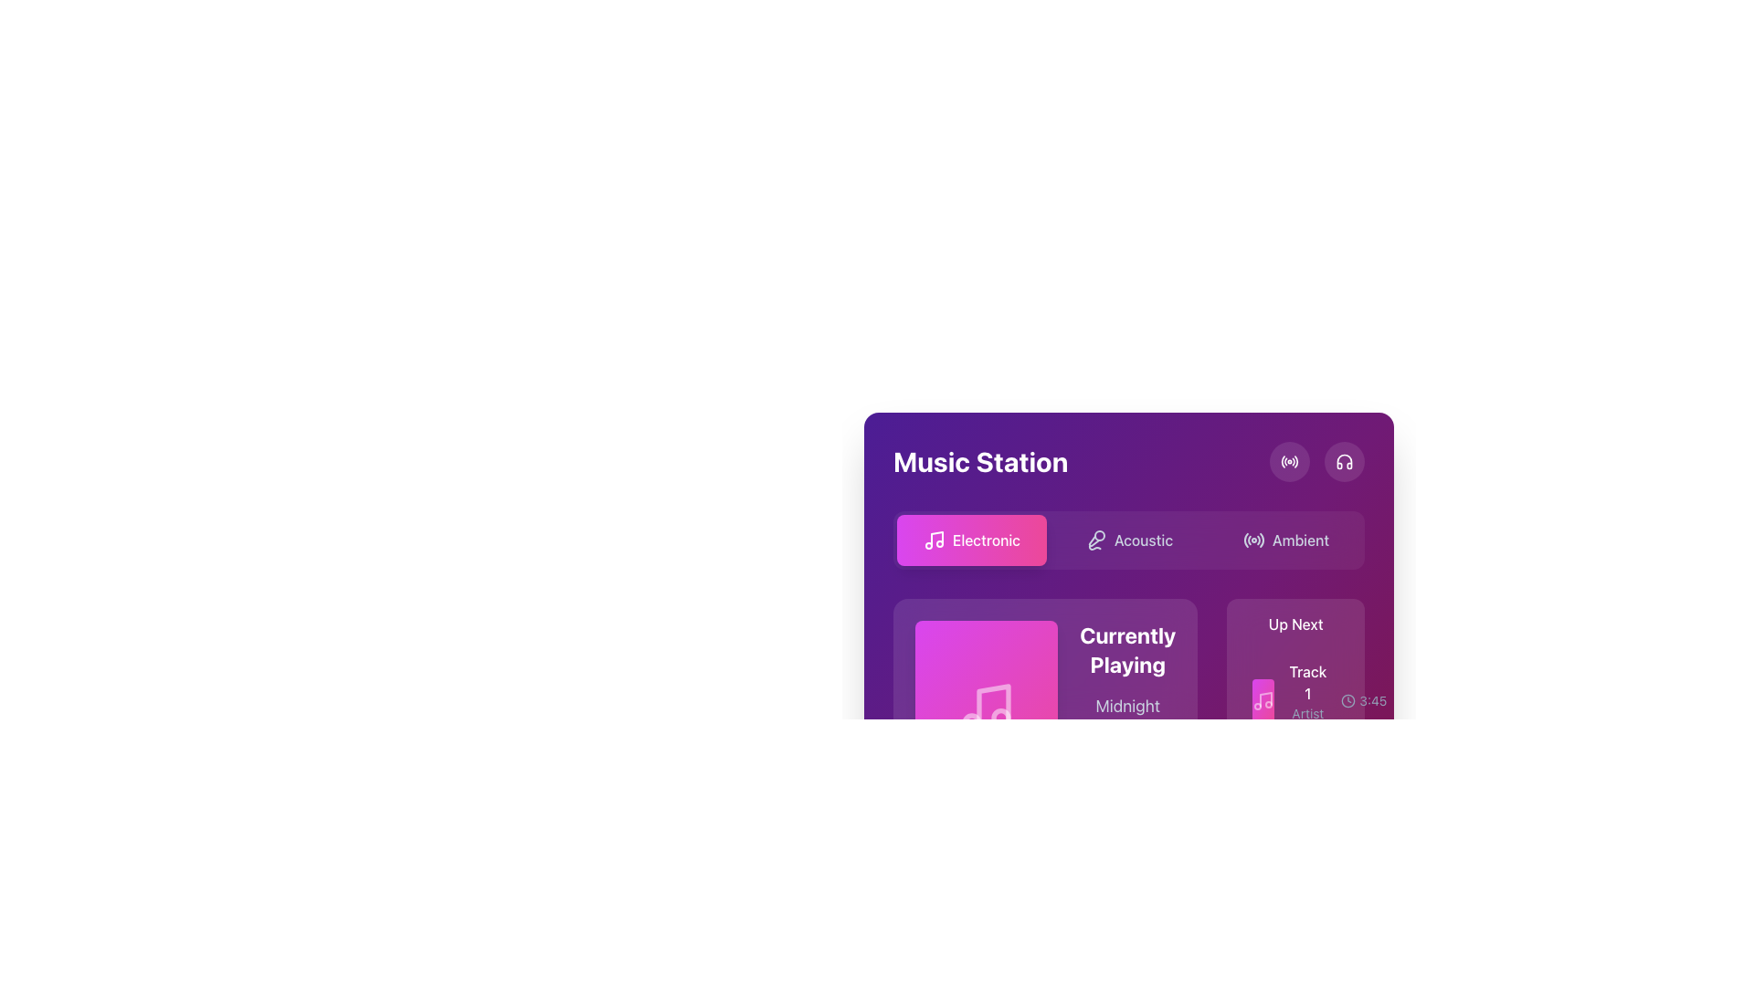 This screenshot has width=1754, height=986. Describe the element at coordinates (1300, 539) in the screenshot. I see `the 'Ambient' text label/button located on the top-right corner of the options bar` at that location.